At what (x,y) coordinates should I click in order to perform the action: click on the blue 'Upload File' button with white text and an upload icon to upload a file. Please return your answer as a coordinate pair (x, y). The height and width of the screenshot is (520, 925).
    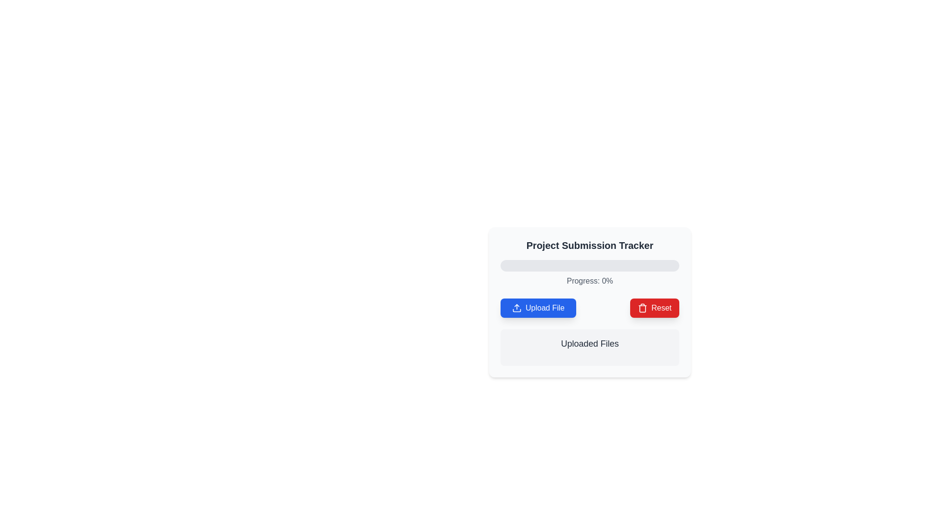
    Looking at the image, I should click on (538, 308).